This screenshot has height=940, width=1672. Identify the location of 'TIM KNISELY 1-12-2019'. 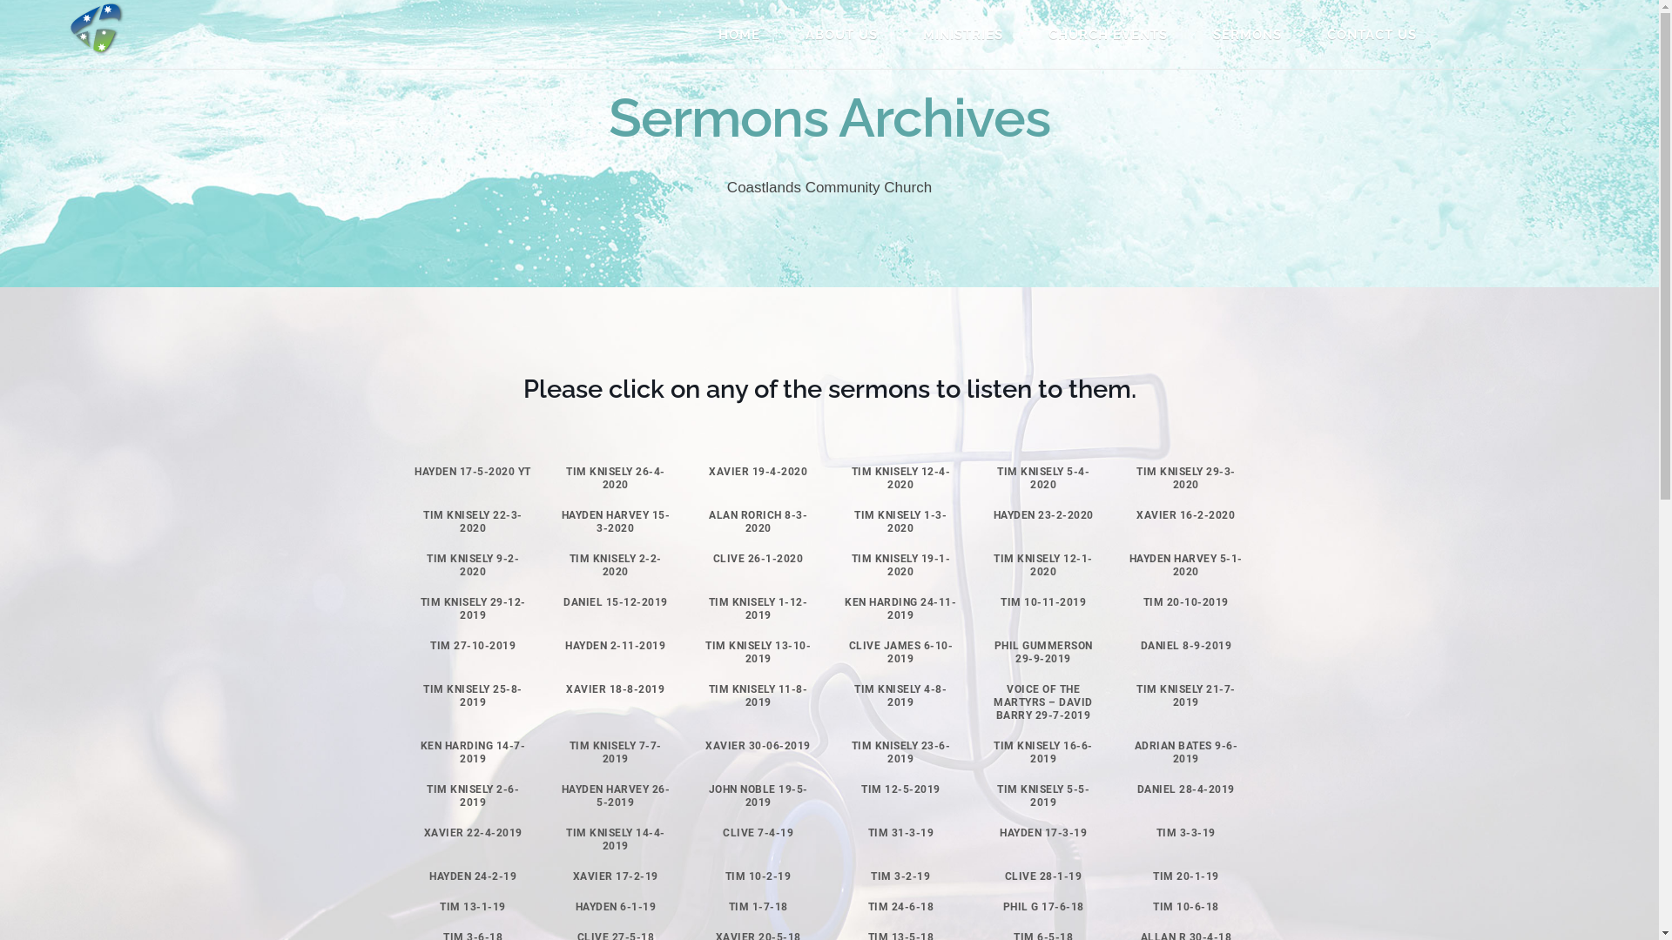
(758, 608).